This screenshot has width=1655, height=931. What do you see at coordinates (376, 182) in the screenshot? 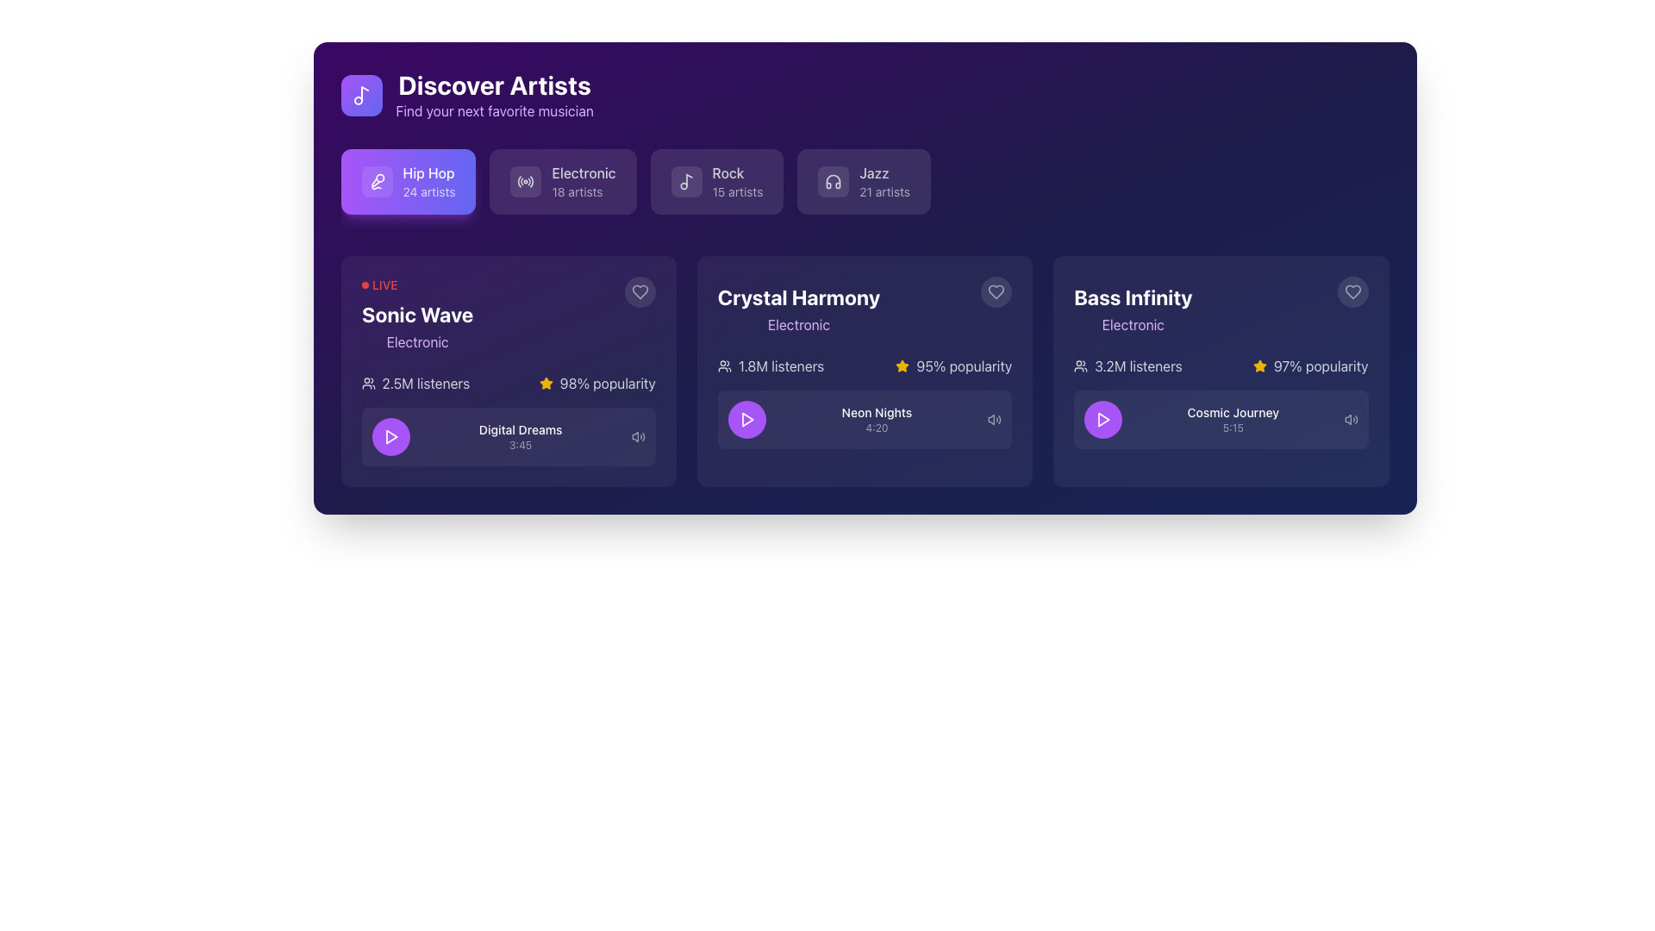
I see `the rounded rectangular icon with a light purple background and a white microphone symbol located within the 'Hip Hop' button on the left side of the text 'Hip Hop 24 artists'` at bounding box center [376, 182].